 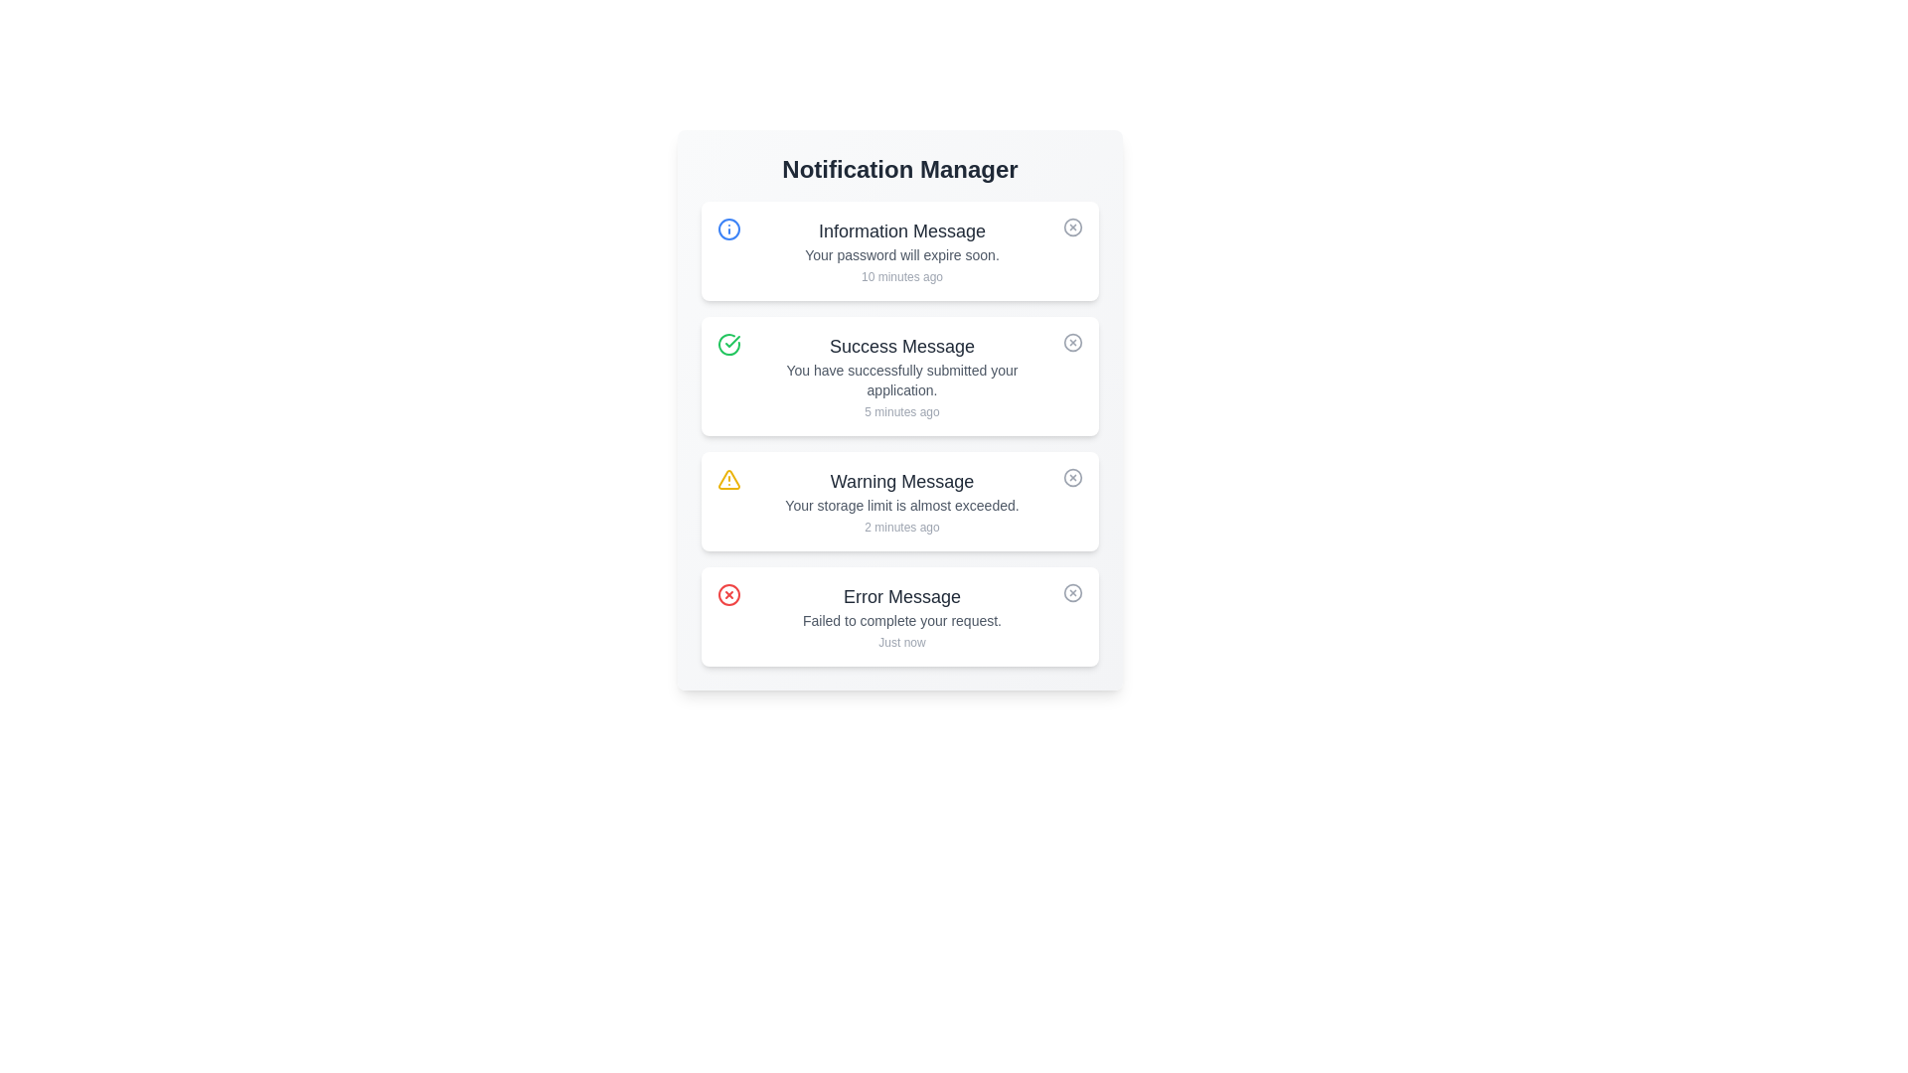 I want to click on the Close Button/Icon located at the top-right corner of the 'Success Message' notification to change its color, so click(x=1072, y=341).